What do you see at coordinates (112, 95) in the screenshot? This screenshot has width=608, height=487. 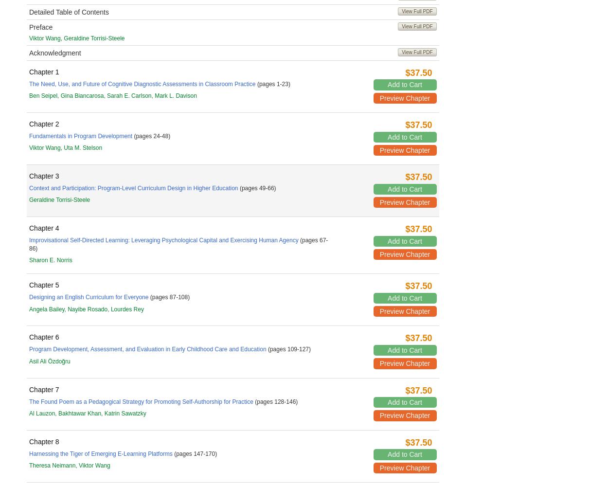 I see `'Ben Seipel, Gina Biancarosa, Sarah E. Carlson, Mark L. Davison'` at bounding box center [112, 95].